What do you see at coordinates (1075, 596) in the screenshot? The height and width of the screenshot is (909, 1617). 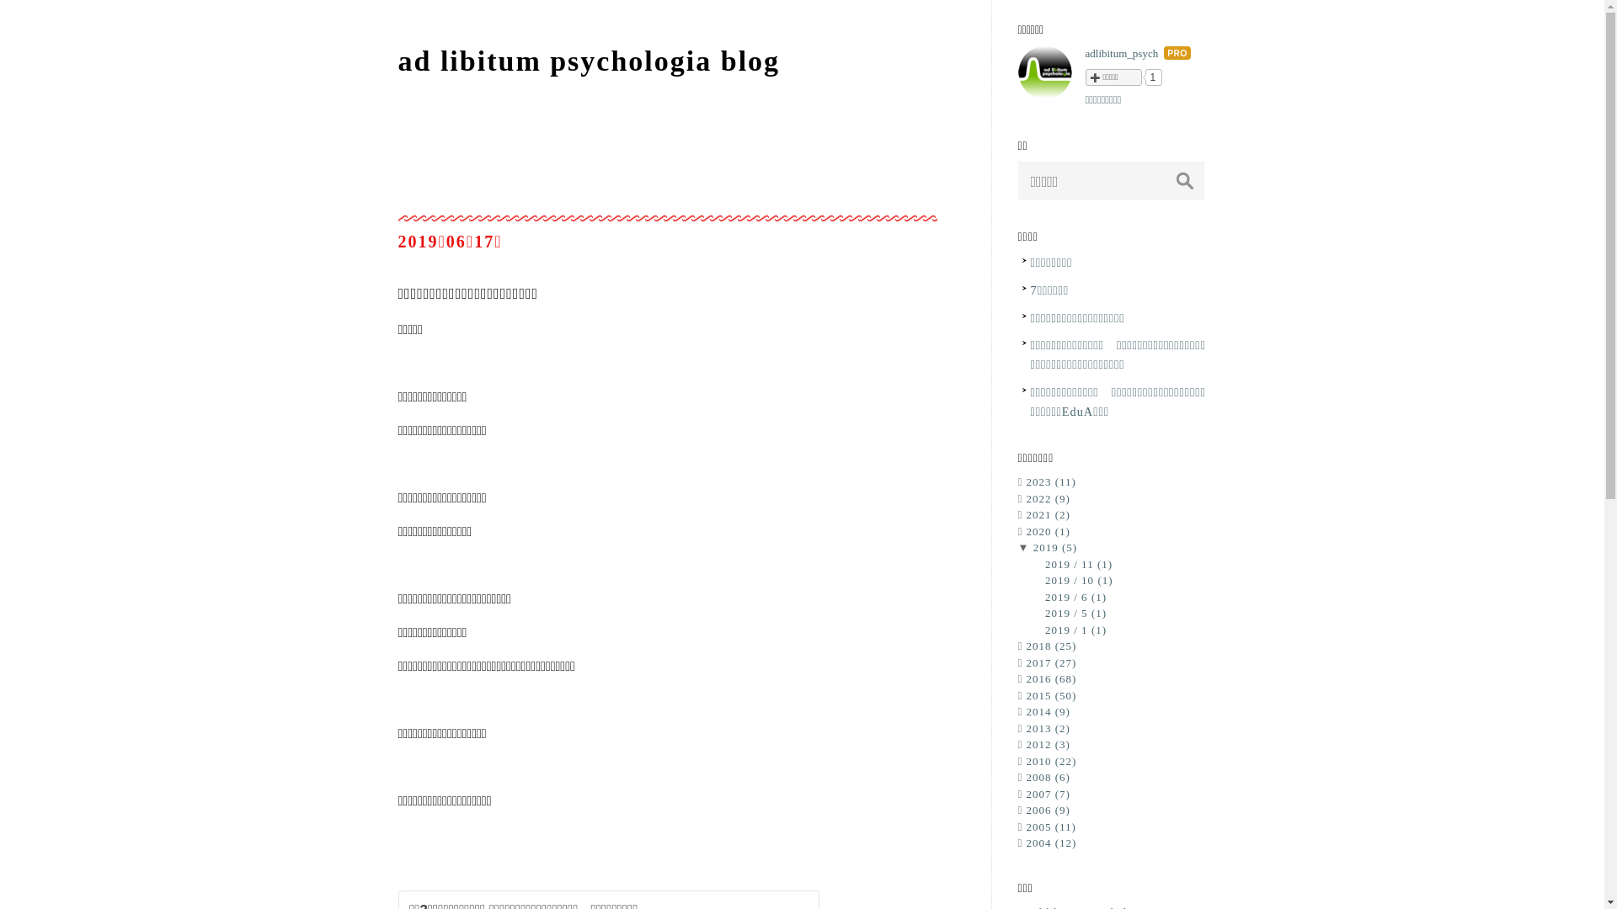 I see `'2019 / 6 (1)'` at bounding box center [1075, 596].